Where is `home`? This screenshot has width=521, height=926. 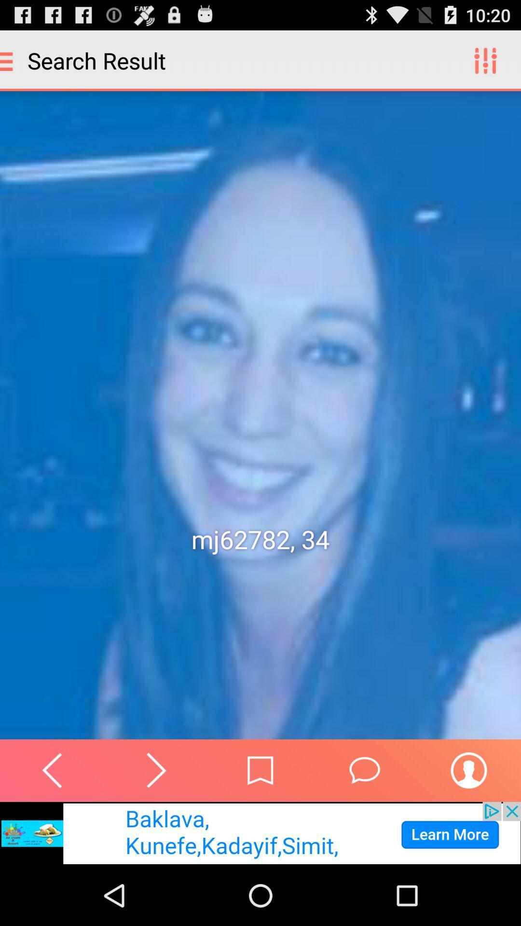 home is located at coordinates (260, 770).